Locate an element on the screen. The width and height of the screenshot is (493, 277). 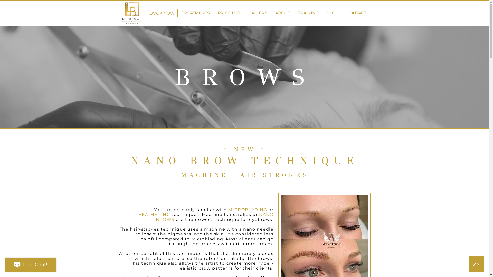
'ABOUT' is located at coordinates (282, 13).